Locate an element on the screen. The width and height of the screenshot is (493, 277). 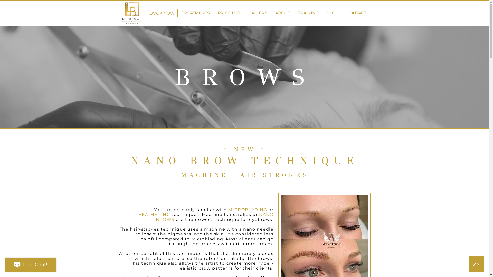
'ABOUT' is located at coordinates (282, 13).